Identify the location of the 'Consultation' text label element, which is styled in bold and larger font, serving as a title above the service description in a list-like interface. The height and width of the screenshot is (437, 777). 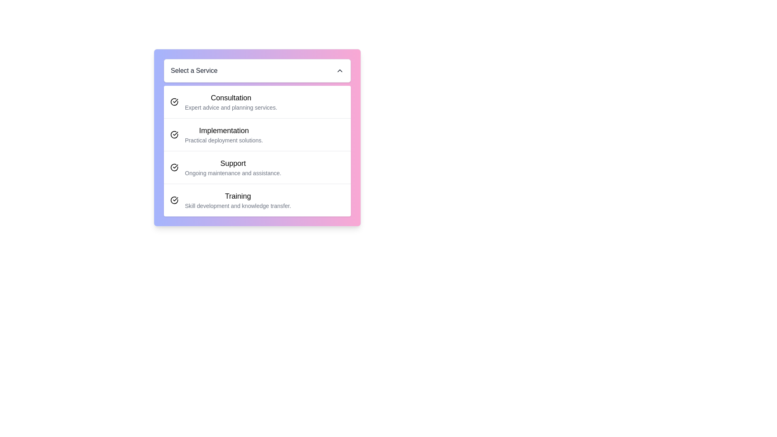
(231, 98).